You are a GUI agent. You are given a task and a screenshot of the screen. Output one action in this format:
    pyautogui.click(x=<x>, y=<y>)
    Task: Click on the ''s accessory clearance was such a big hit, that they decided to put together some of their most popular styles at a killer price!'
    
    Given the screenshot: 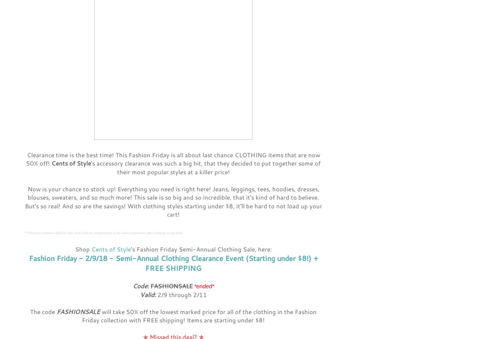 What is the action you would take?
    pyautogui.click(x=205, y=167)
    